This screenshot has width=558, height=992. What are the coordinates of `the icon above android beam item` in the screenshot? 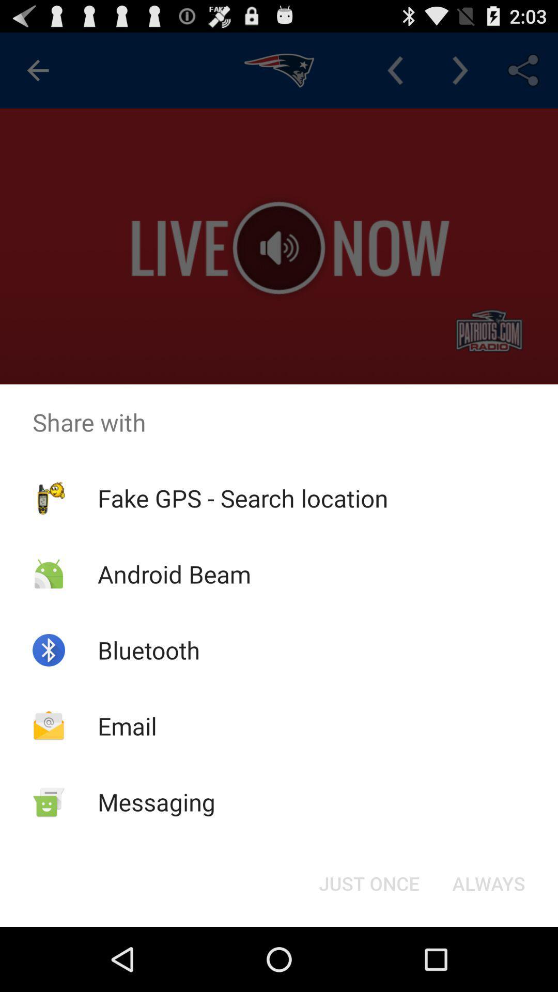 It's located at (243, 498).